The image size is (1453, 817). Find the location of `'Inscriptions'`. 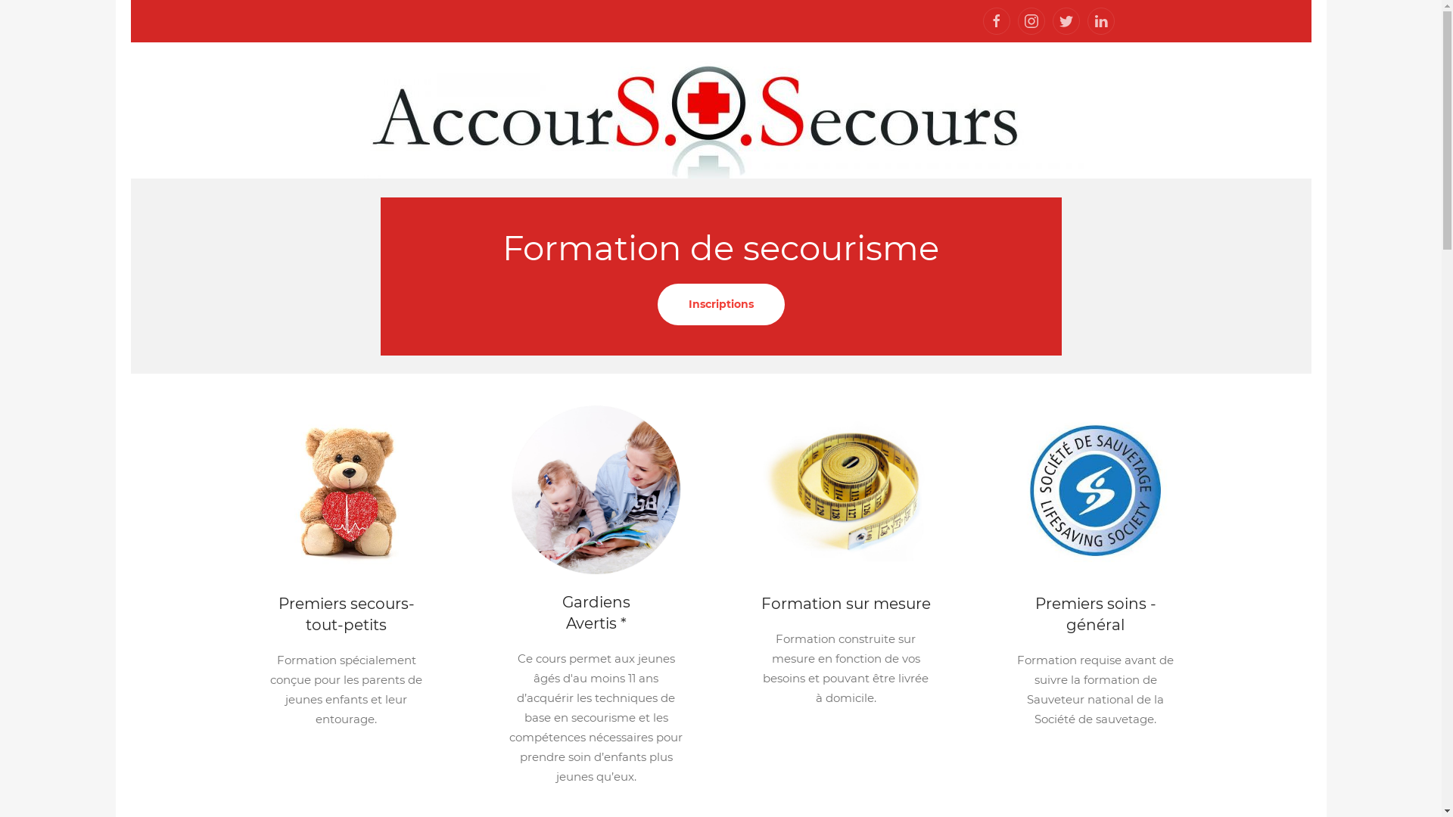

'Inscriptions' is located at coordinates (719, 303).